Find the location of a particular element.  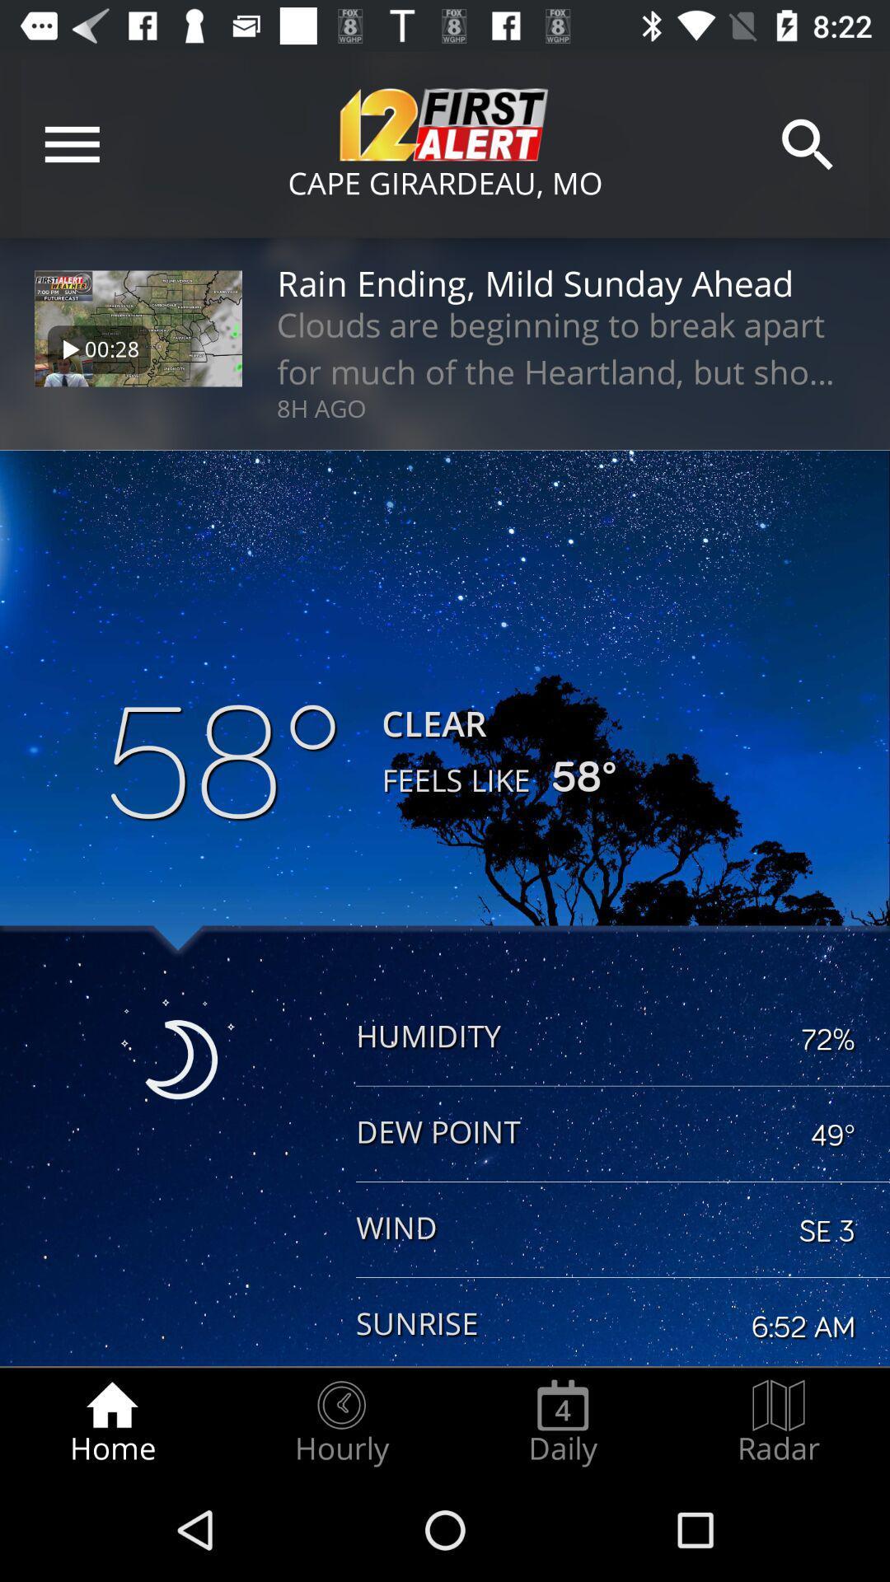

item next to hourly is located at coordinates (111, 1422).